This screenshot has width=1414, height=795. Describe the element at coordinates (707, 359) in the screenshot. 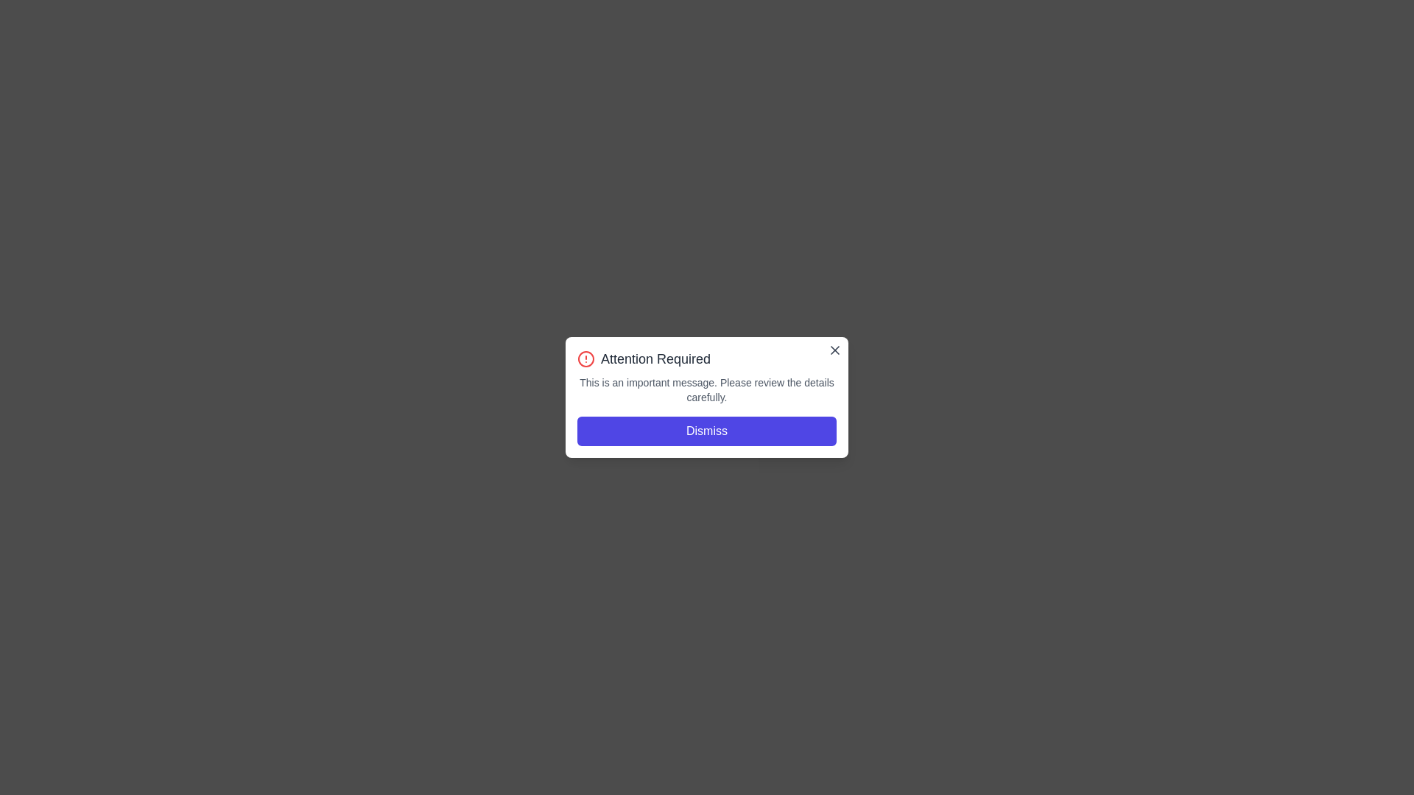

I see `text displayed in the Alert Header with Icon, which is located at the top of the white alert dialog box` at that location.